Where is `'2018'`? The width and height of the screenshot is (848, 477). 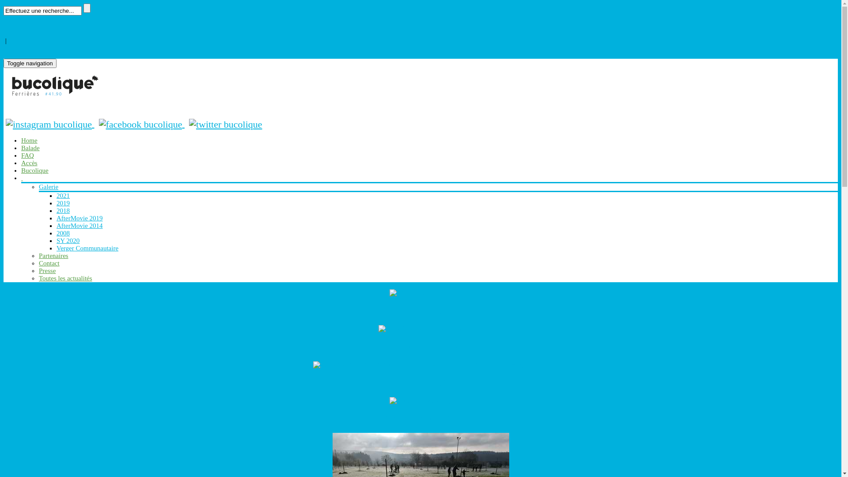 '2018' is located at coordinates (63, 211).